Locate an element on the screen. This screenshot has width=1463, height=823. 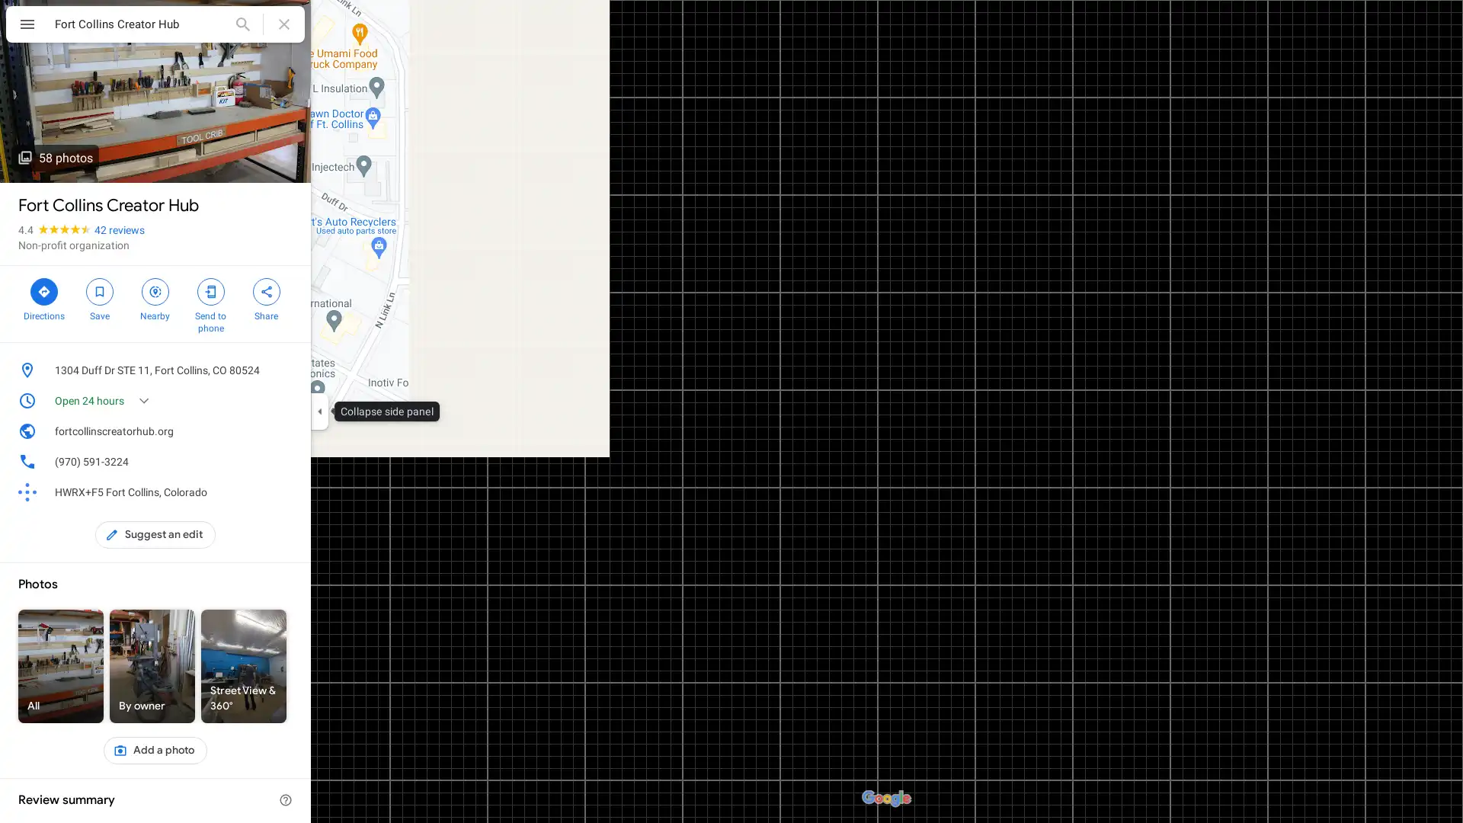
Suggest an edit is located at coordinates (155, 534).